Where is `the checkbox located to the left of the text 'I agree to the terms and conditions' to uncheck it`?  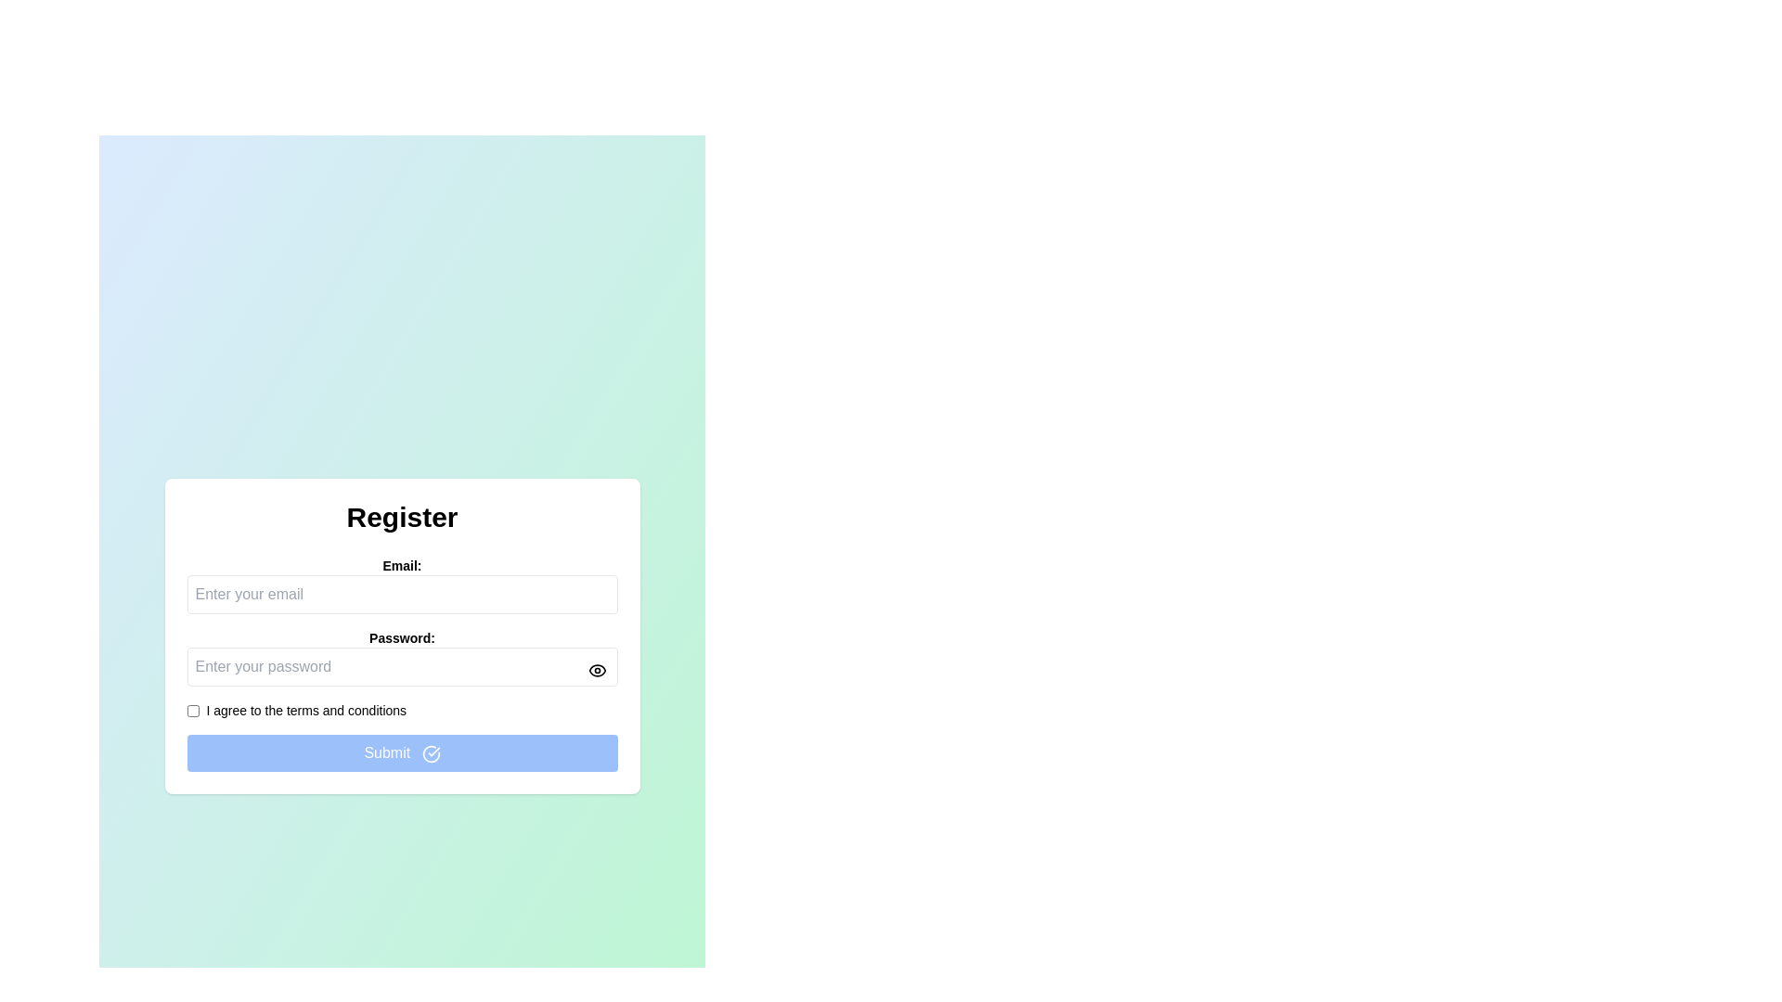 the checkbox located to the left of the text 'I agree to the terms and conditions' to uncheck it is located at coordinates (192, 710).